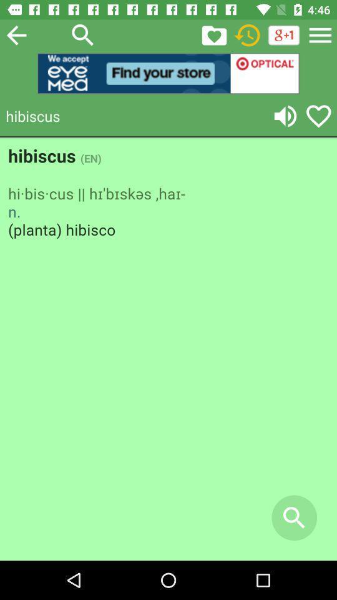  What do you see at coordinates (168, 73) in the screenshot?
I see `advertisement banner` at bounding box center [168, 73].